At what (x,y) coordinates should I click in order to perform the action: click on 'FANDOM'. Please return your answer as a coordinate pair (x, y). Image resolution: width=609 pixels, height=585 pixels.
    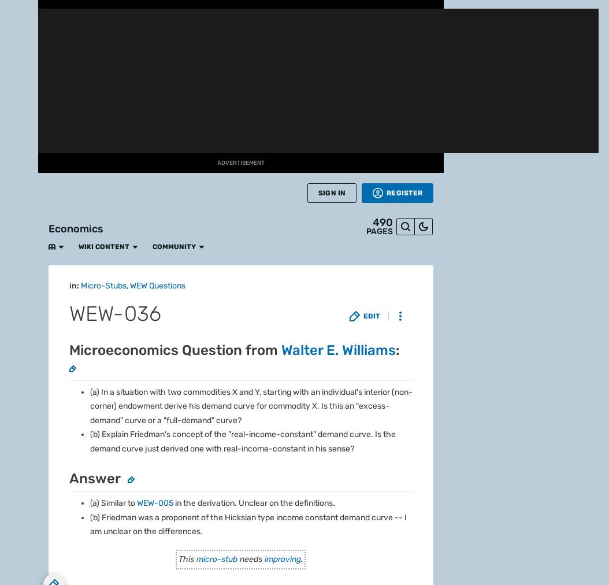
    Looking at the image, I should click on (18, 38).